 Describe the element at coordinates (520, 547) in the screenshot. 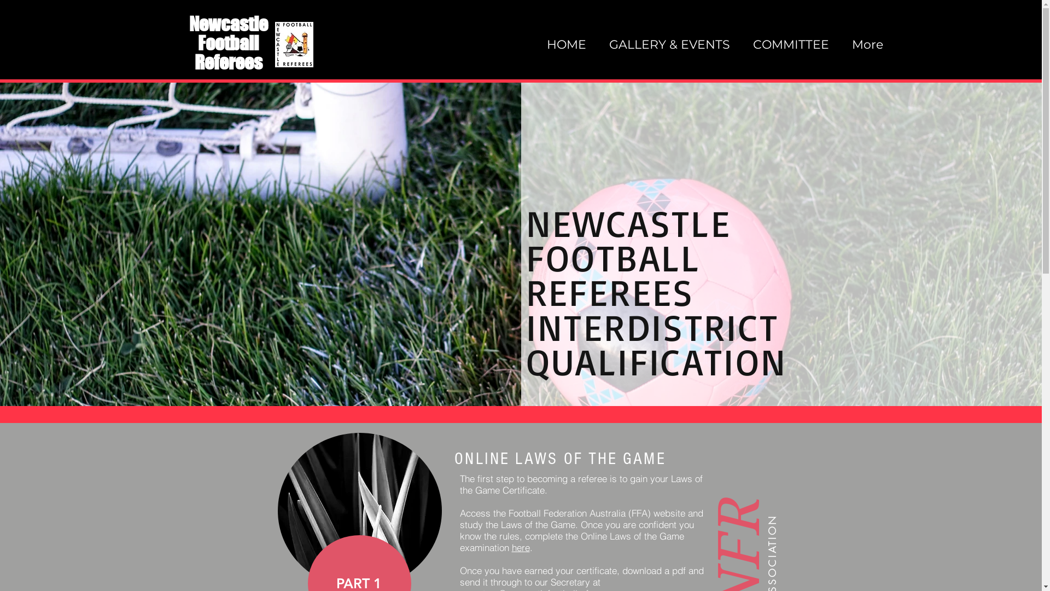

I see `'here'` at that location.